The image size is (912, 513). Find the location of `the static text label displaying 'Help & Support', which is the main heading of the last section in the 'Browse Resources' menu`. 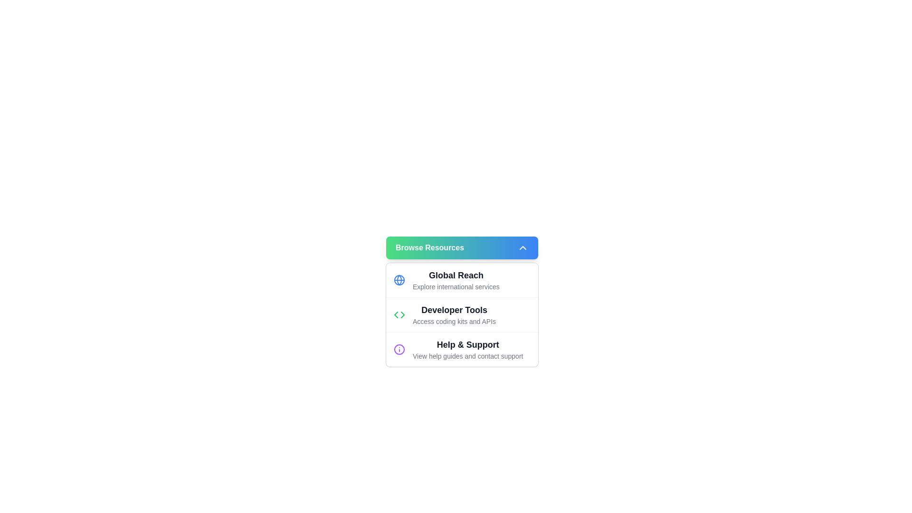

the static text label displaying 'Help & Support', which is the main heading of the last section in the 'Browse Resources' menu is located at coordinates (468, 344).